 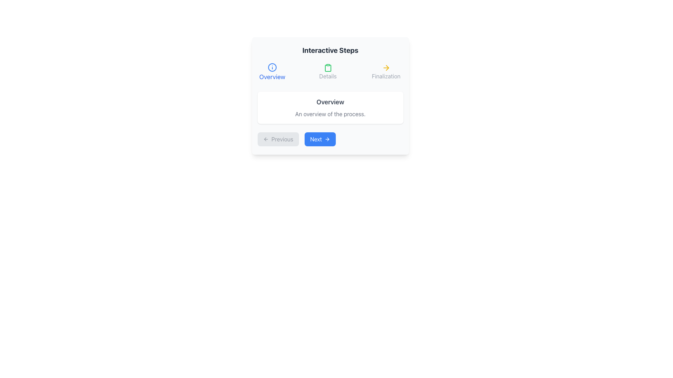 What do you see at coordinates (272, 67) in the screenshot?
I see `the Circle icon component, which serves as a visual representation within the interface, centrally located at its bounding box` at bounding box center [272, 67].